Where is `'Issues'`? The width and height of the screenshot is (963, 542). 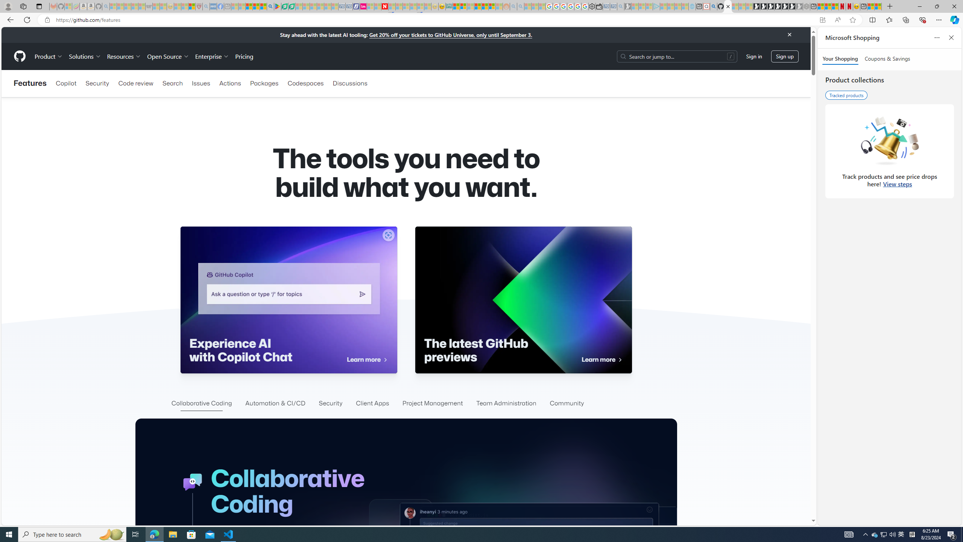
'Issues' is located at coordinates (200, 83).